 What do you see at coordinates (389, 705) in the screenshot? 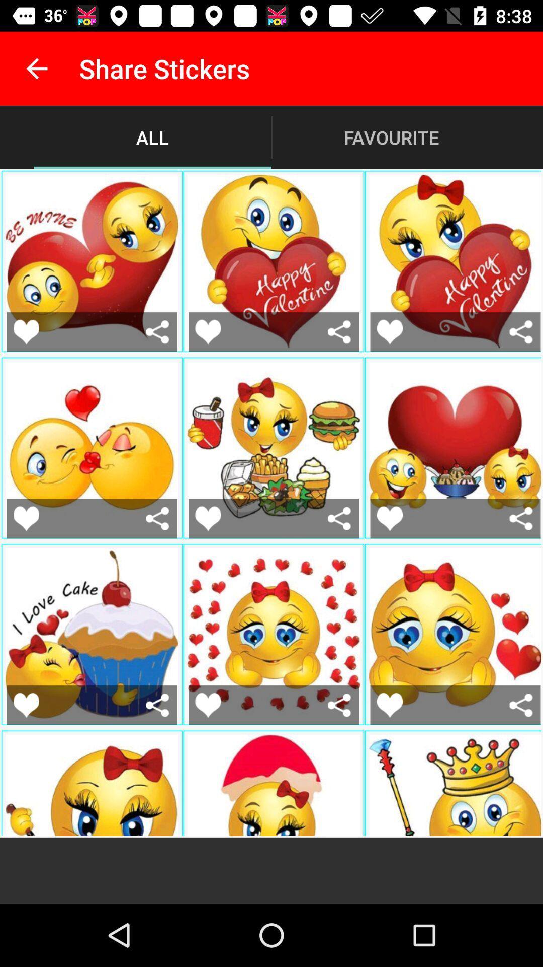
I see `this sticker` at bounding box center [389, 705].